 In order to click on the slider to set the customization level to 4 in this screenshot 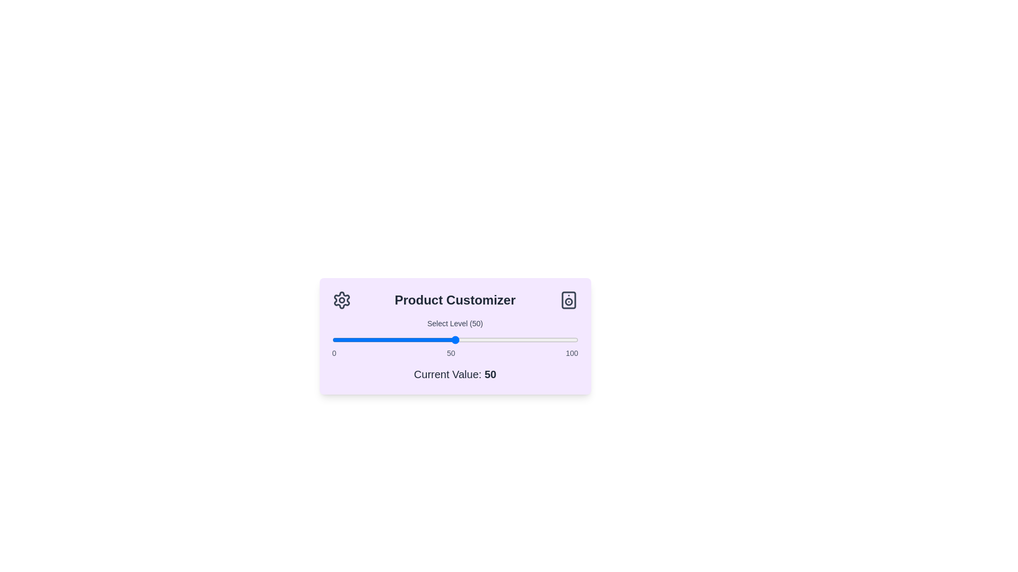, I will do `click(342, 339)`.